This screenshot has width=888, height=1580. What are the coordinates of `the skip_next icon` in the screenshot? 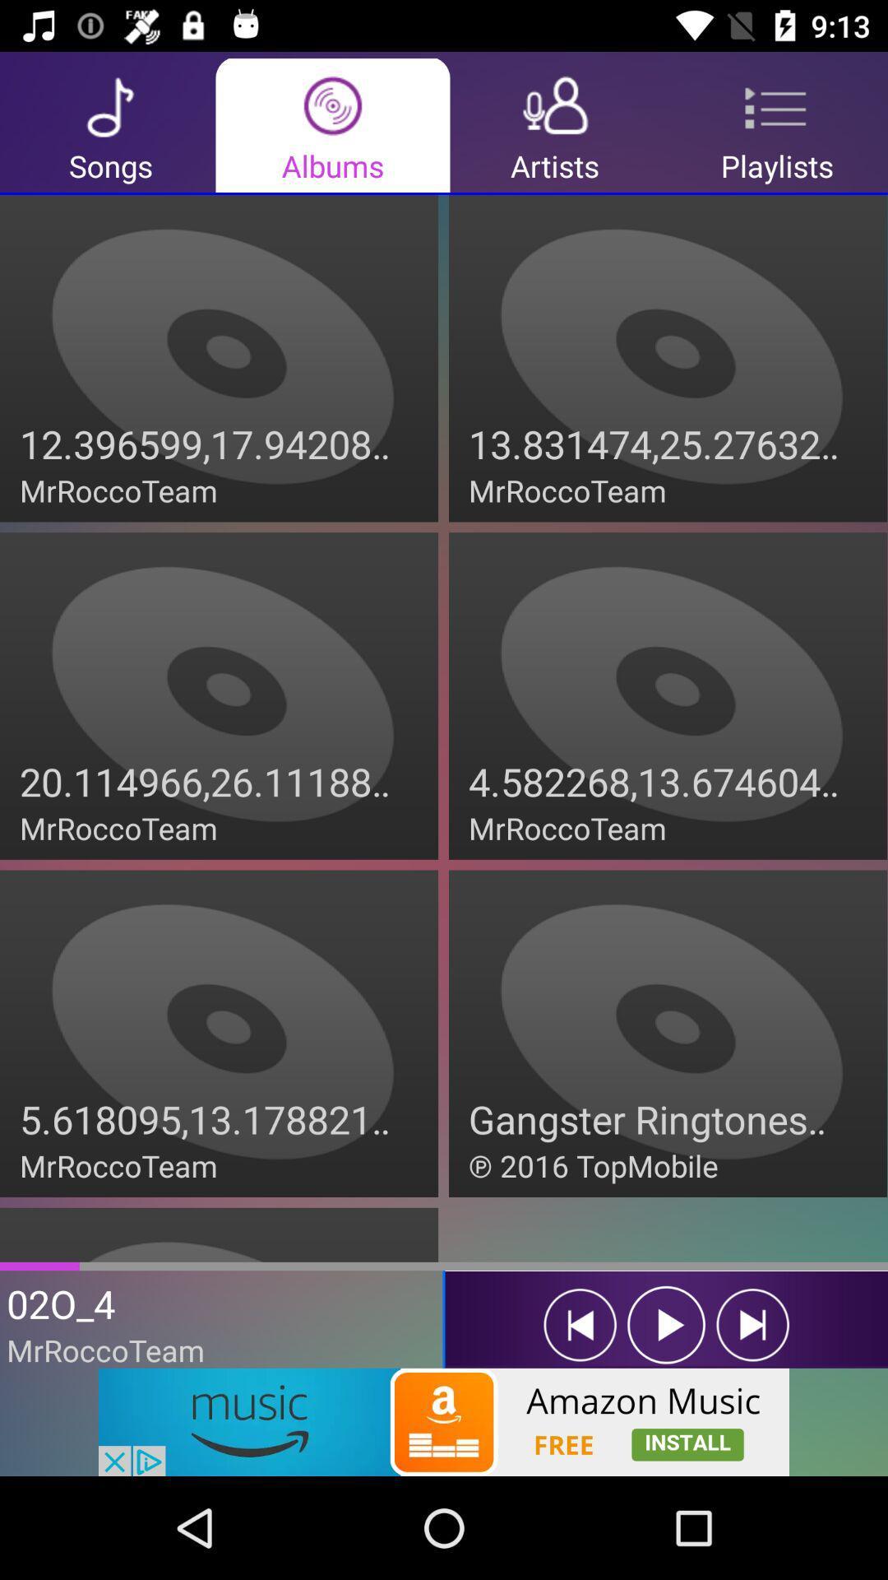 It's located at (752, 1325).